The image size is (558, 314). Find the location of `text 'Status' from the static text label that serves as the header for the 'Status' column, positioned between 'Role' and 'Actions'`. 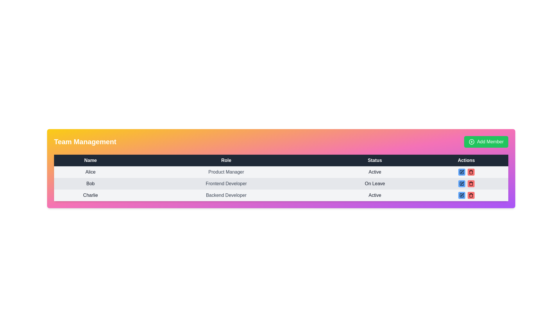

text 'Status' from the static text label that serves as the header for the 'Status' column, positioned between 'Role' and 'Actions' is located at coordinates (375, 160).